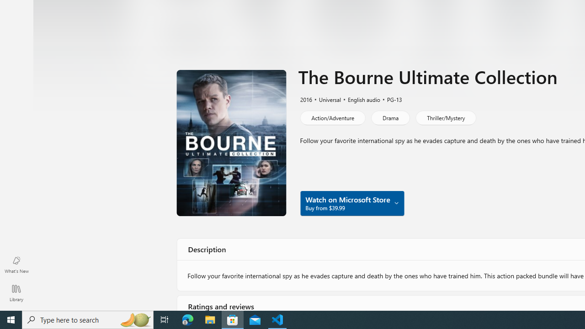 The image size is (585, 329). Describe the element at coordinates (16, 264) in the screenshot. I see `'What'` at that location.